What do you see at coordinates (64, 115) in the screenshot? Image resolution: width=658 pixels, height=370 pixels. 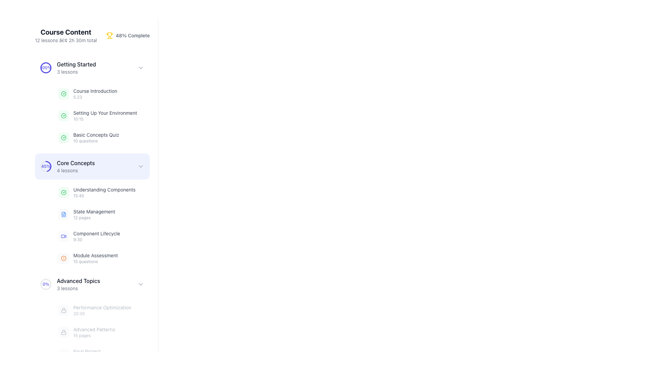 I see `the leftmost icon in the 'Setting Up Your Environment' entry under the 'Getting Started' section, which indicates the completion status of this lesson` at bounding box center [64, 115].